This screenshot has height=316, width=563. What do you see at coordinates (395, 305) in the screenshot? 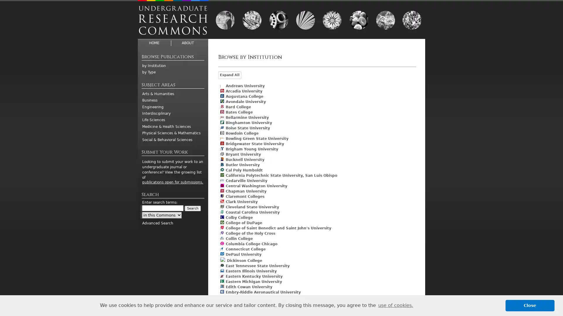
I see `learn more about cookies` at bounding box center [395, 305].